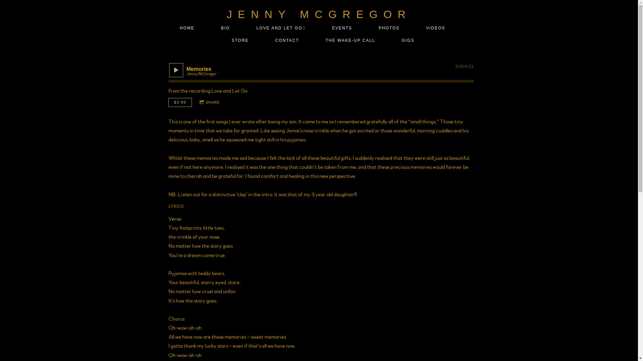 The width and height of the screenshot is (643, 361). I want to click on 'VIDEOS', so click(435, 28).